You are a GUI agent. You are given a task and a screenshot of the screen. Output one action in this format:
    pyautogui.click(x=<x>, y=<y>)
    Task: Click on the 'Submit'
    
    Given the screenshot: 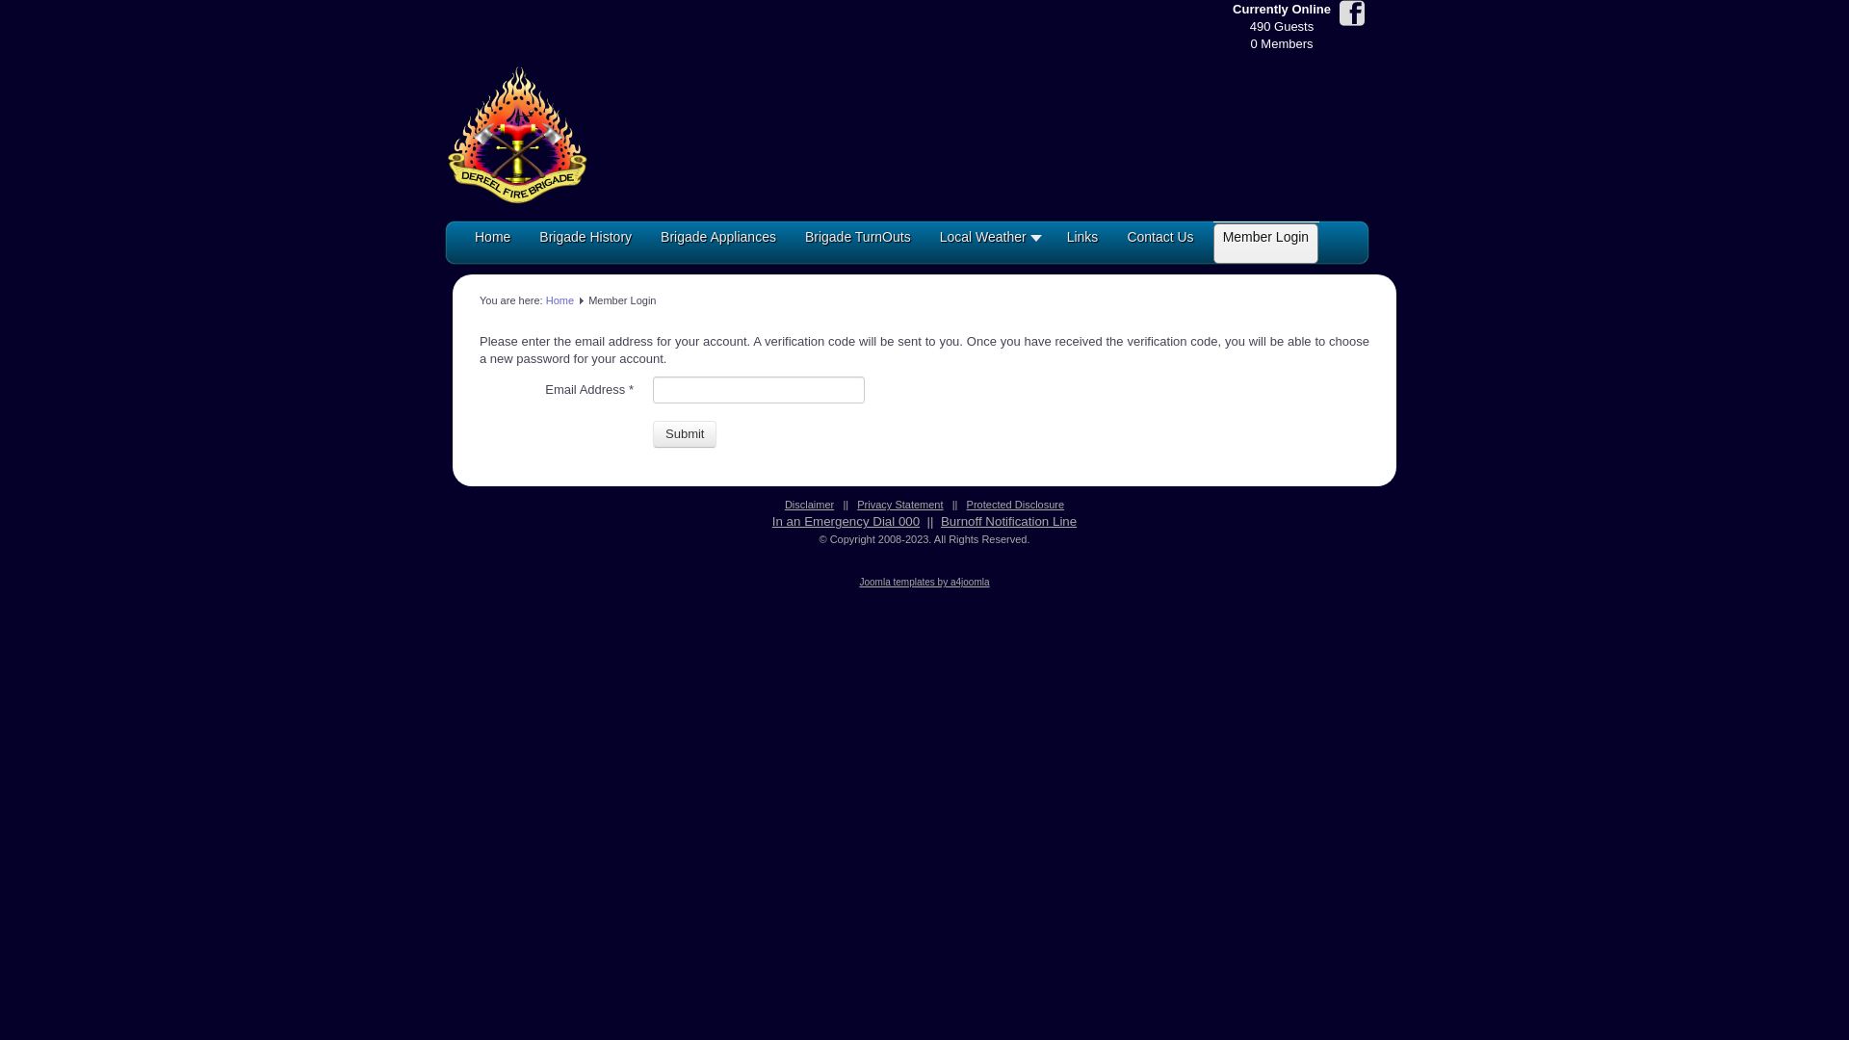 What is the action you would take?
    pyautogui.click(x=684, y=434)
    